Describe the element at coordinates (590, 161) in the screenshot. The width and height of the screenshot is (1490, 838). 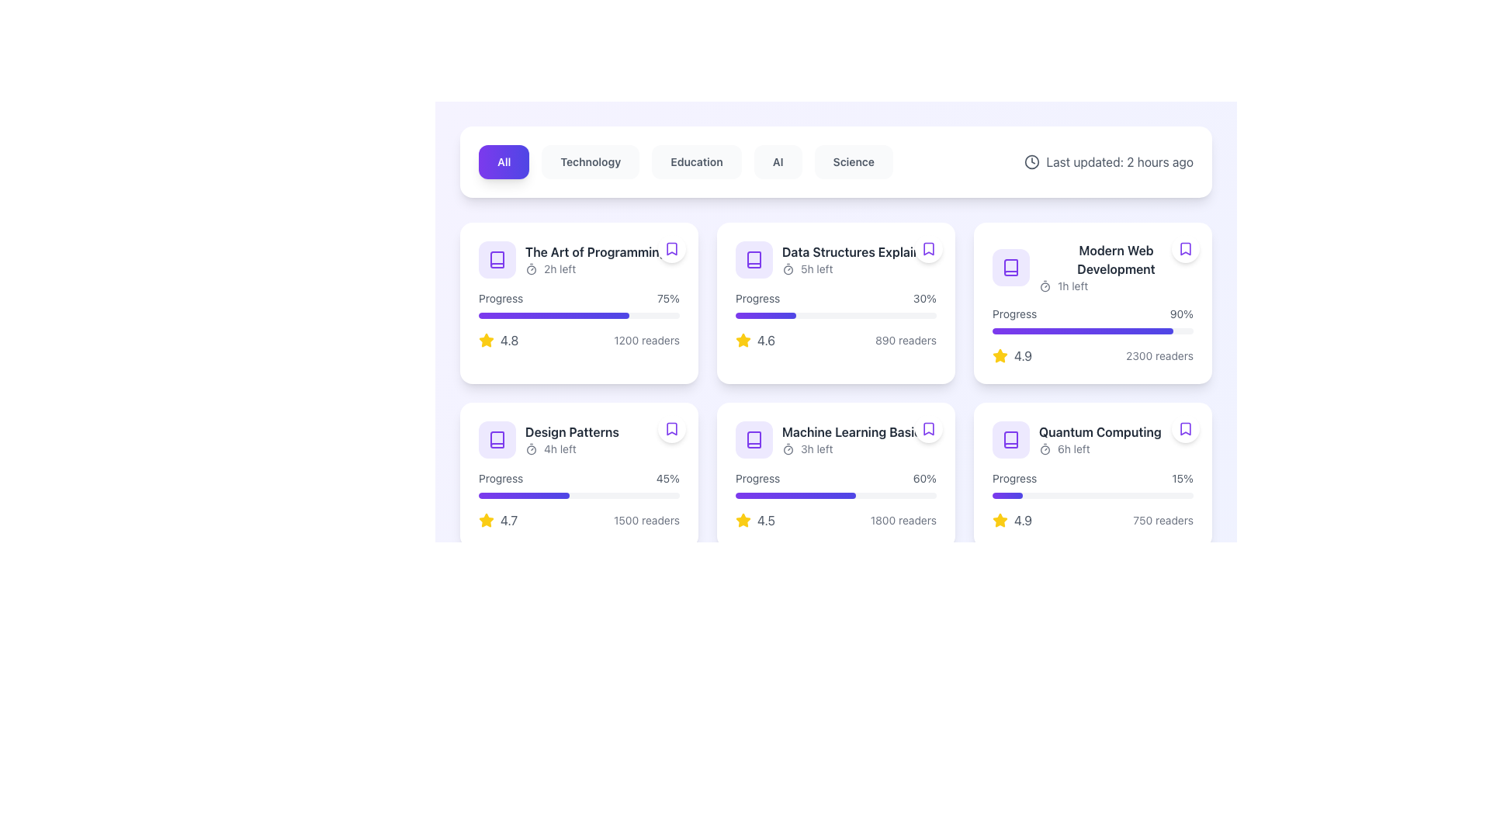
I see `the Technology filter button, which is the second button in a horizontal list of buttons that includes 'All' and 'Education'` at that location.